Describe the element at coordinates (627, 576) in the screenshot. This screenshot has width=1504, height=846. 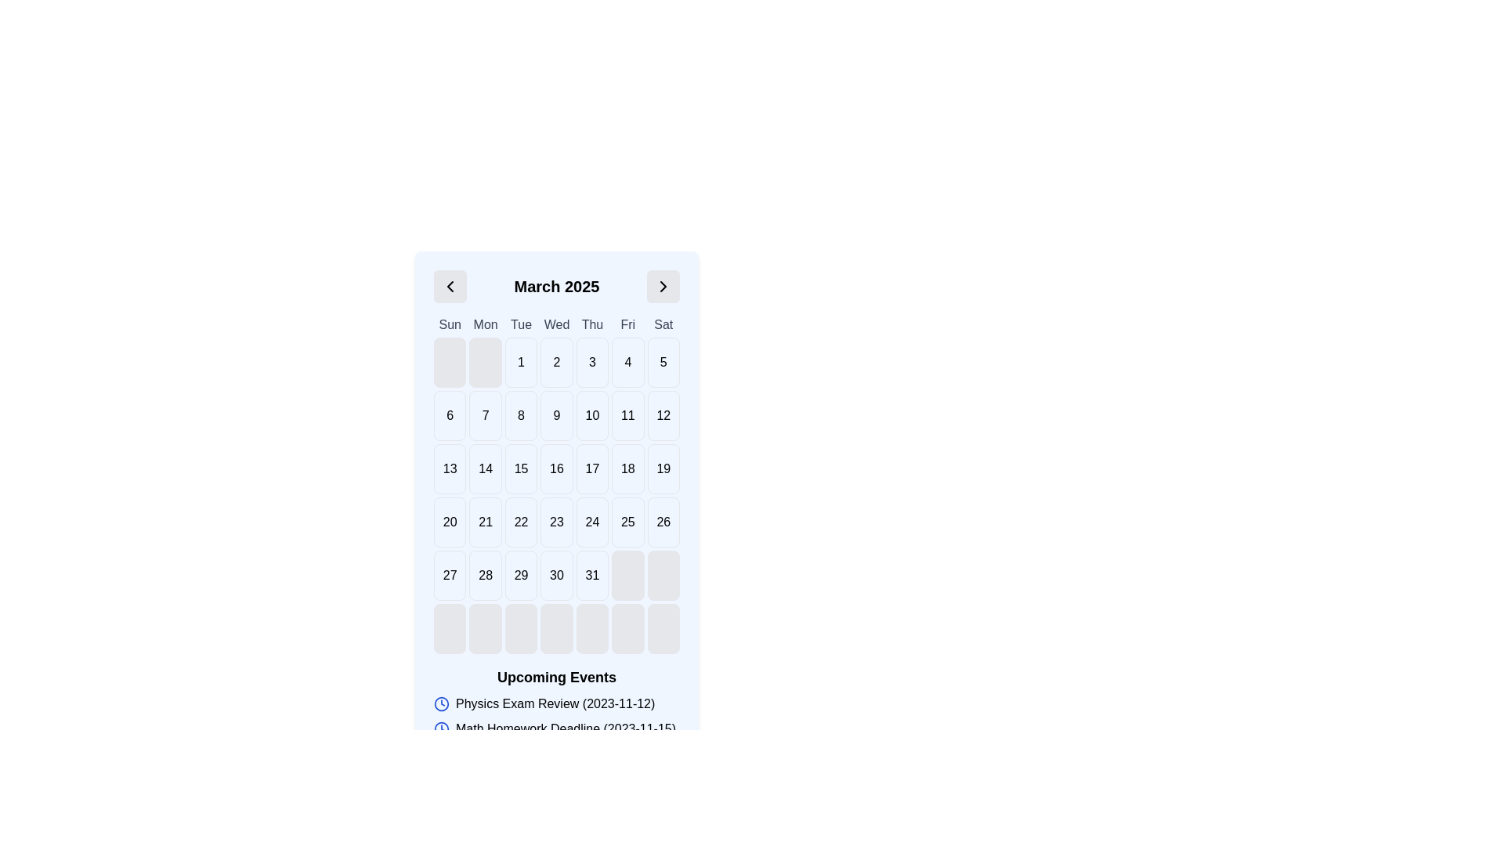
I see `the inactive calendar cell placeholder located in the sixth column of the bottom row of the calendar interface` at that location.